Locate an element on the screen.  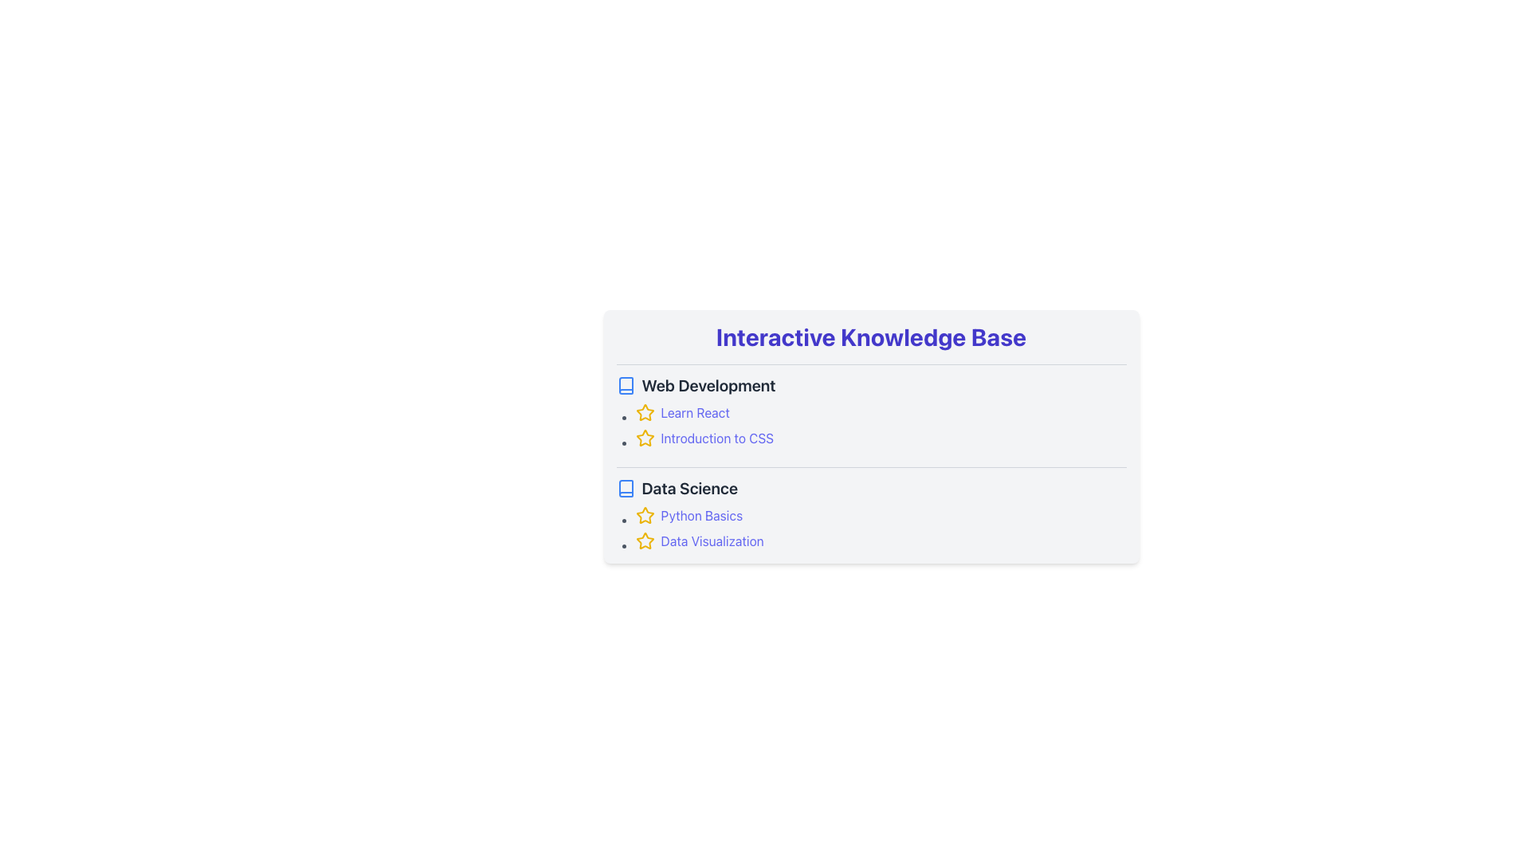
the Icon that visually links to the 'Data Science' title, positioned on the left side of the line containing the title is located at coordinates (625, 488).